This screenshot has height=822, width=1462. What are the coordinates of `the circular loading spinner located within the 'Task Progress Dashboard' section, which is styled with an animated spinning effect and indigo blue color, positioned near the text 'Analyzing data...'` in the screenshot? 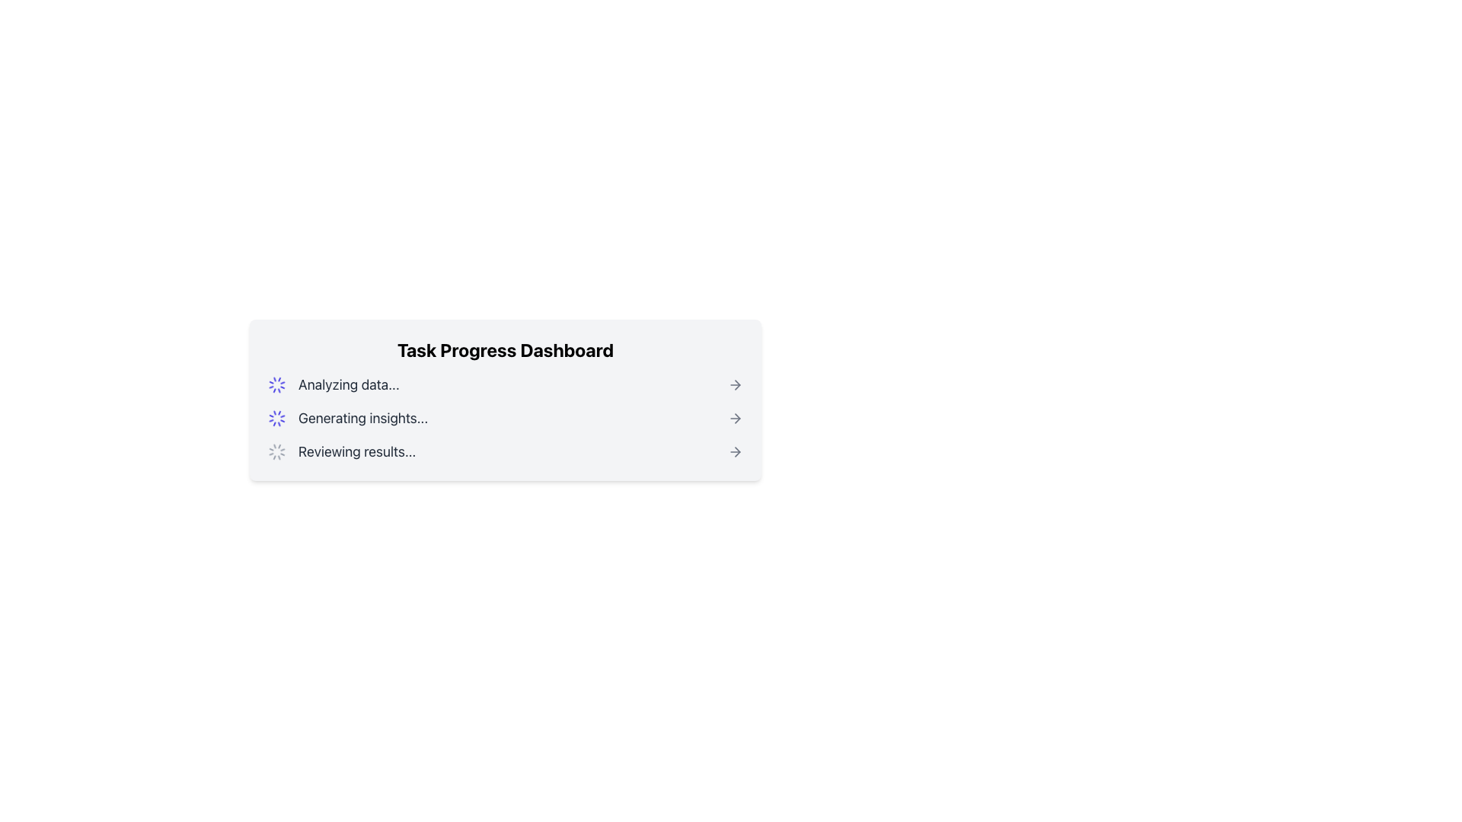 It's located at (277, 384).